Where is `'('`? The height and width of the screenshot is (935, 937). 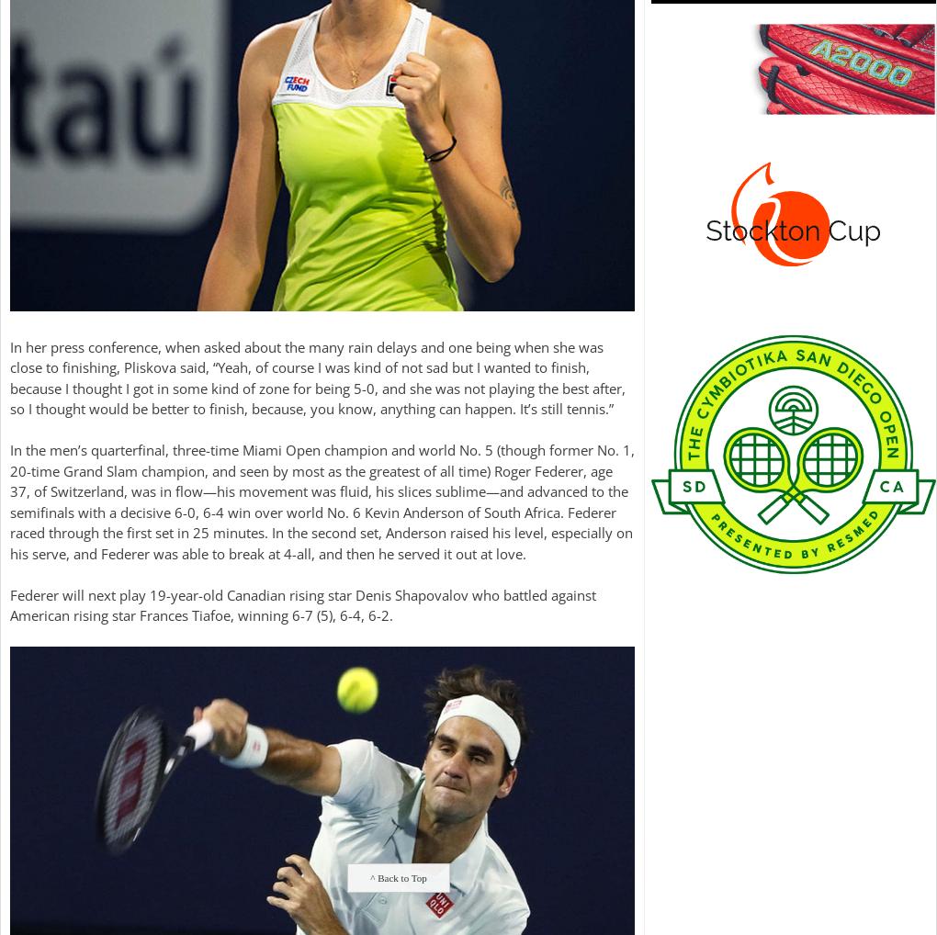 '(' is located at coordinates (315, 615).